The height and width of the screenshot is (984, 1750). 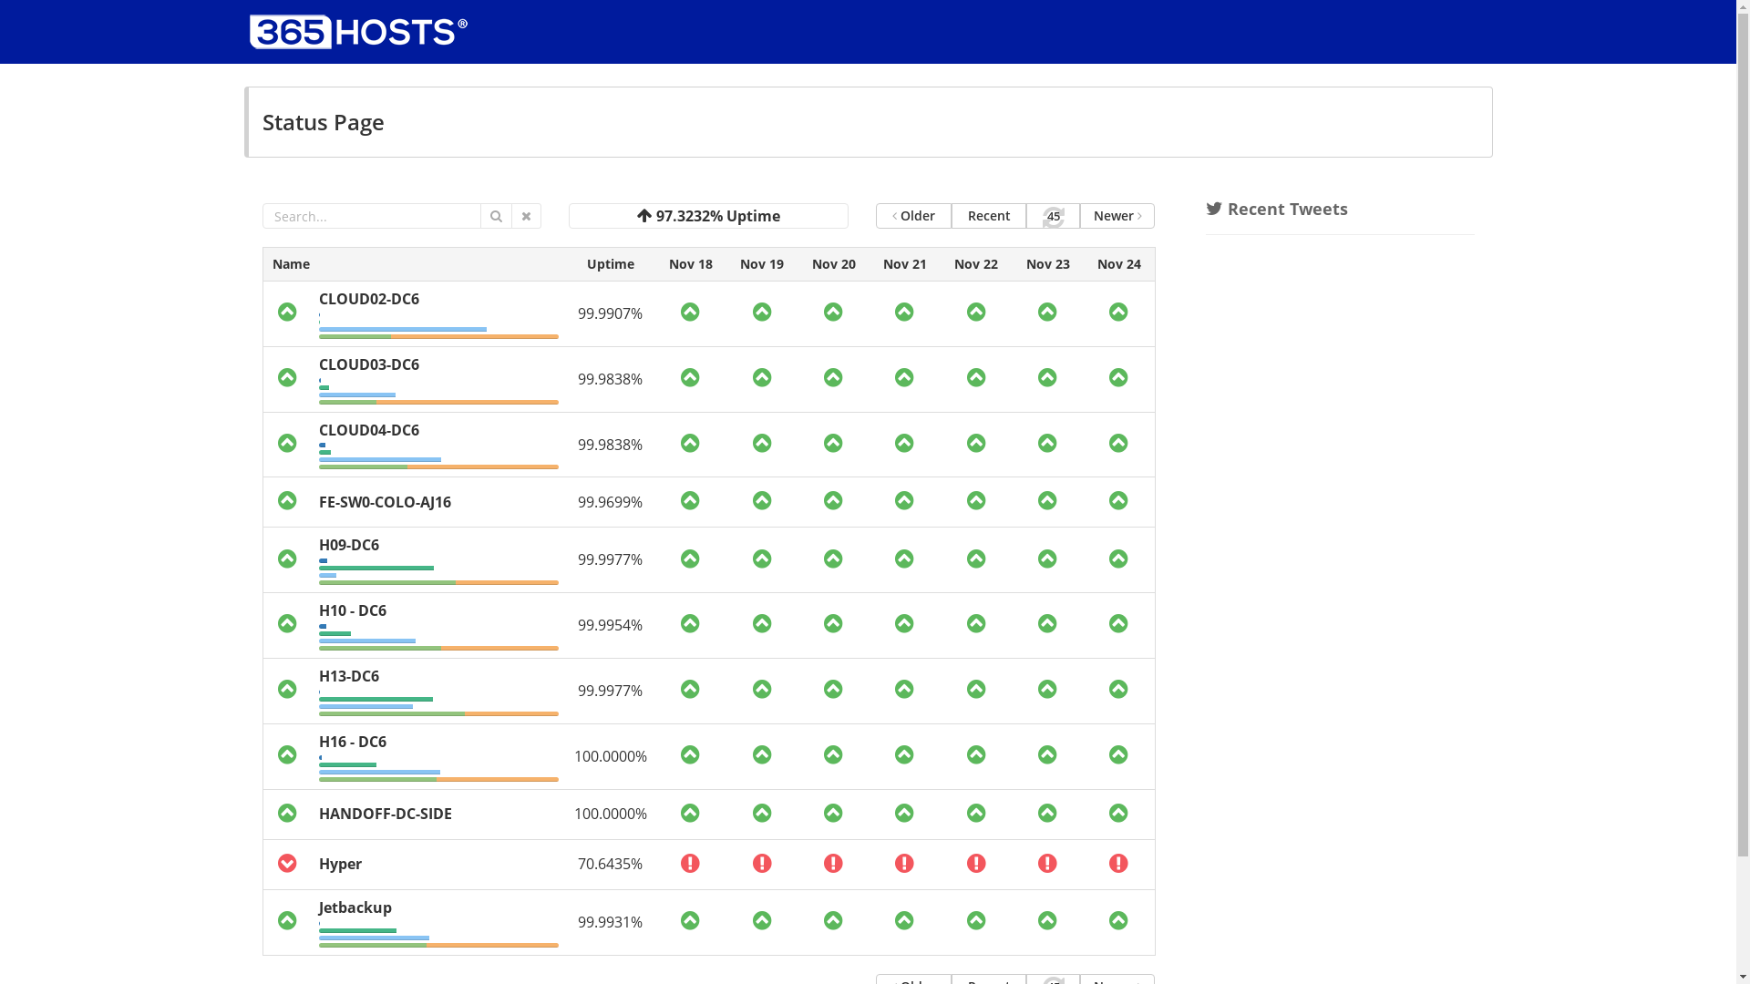 What do you see at coordinates (367, 364) in the screenshot?
I see `'CLOUD03-DC6'` at bounding box center [367, 364].